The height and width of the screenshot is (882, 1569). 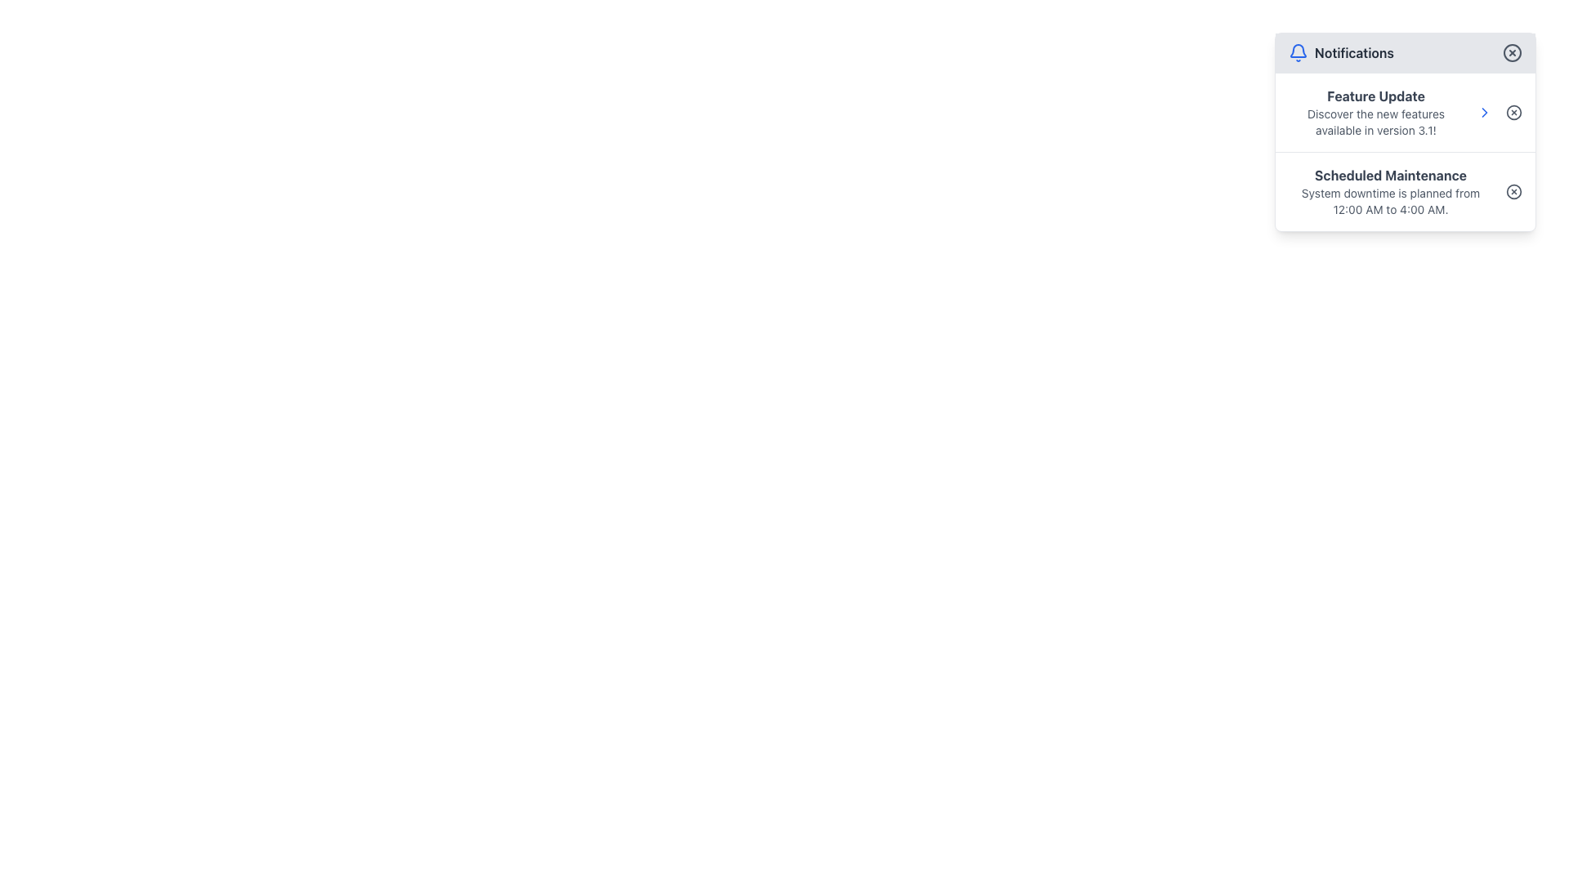 I want to click on the 'Notifications' label with a blue bell icon, which is located at the top-left corner of the notification panel, so click(x=1341, y=52).